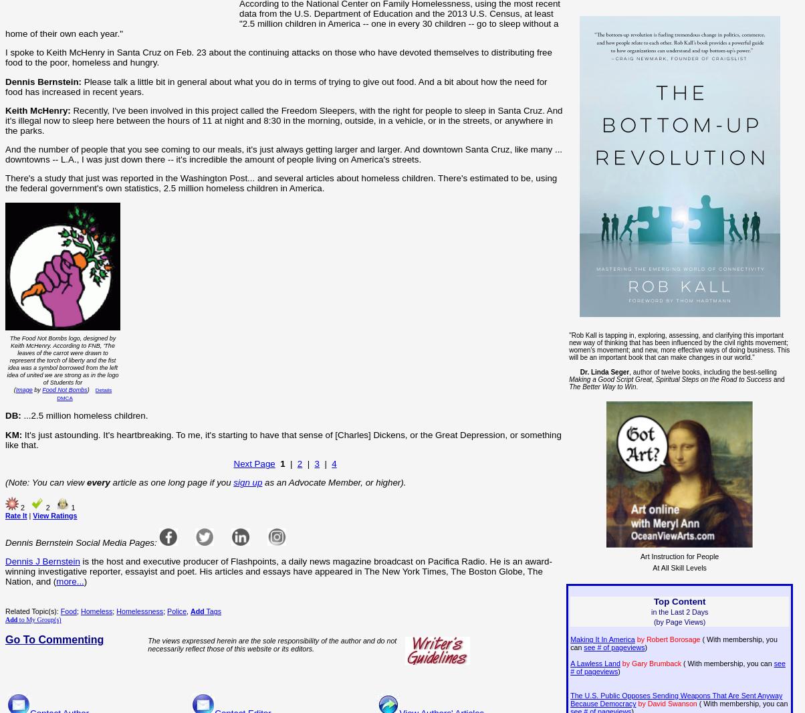 Image resolution: width=805 pixels, height=713 pixels. Describe the element at coordinates (594, 664) in the screenshot. I see `'A Lawless Land'` at that location.